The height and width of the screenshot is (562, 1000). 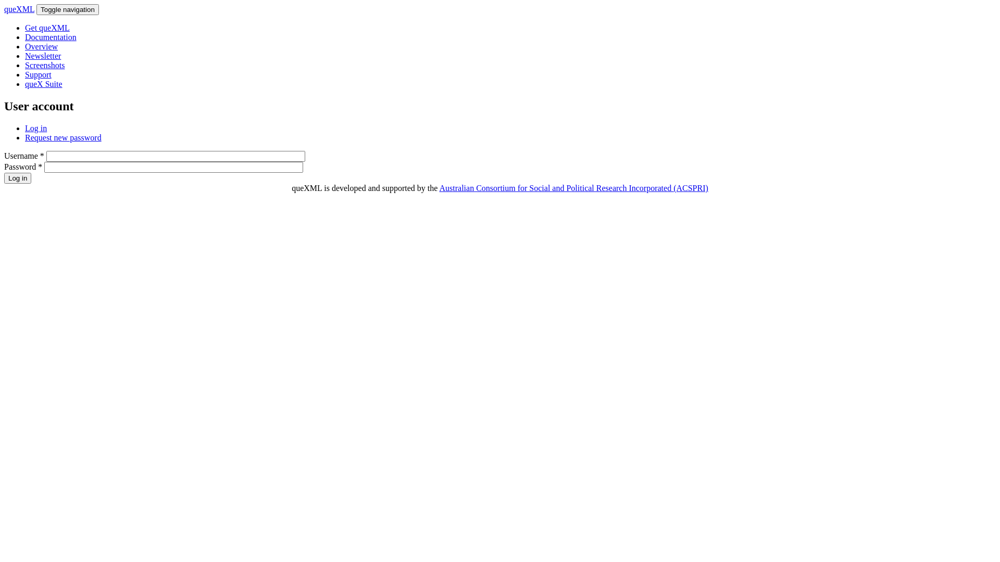 I want to click on 'Overview', so click(x=41, y=46).